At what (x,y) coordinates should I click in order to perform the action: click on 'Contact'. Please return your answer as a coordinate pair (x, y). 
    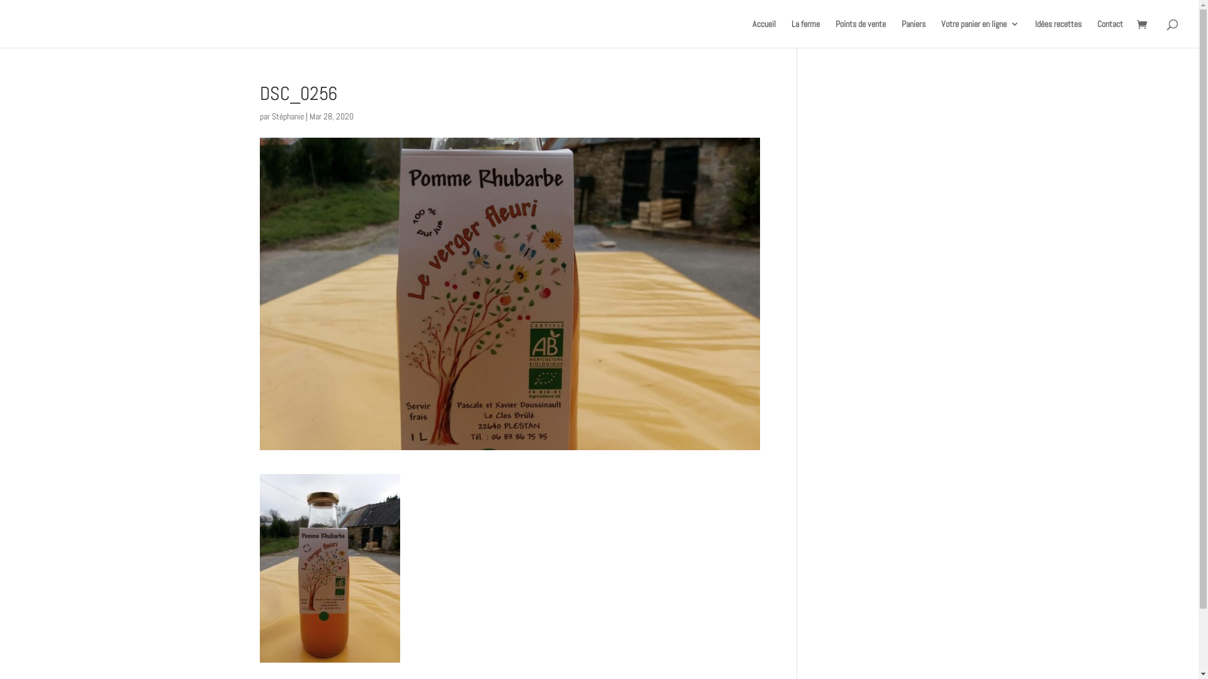
    Looking at the image, I should click on (1110, 33).